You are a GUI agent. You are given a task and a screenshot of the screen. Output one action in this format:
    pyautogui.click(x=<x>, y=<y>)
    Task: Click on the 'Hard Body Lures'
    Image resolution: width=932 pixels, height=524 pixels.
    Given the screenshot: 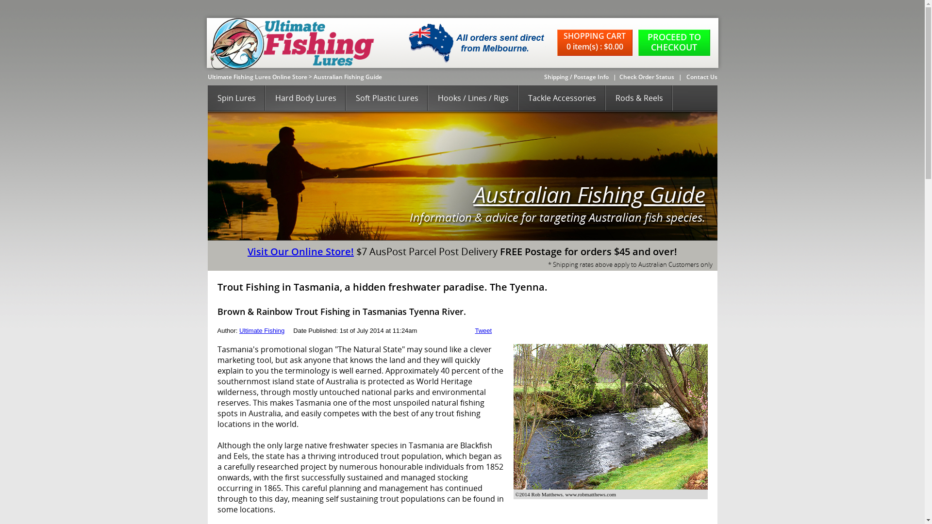 What is the action you would take?
    pyautogui.click(x=304, y=98)
    